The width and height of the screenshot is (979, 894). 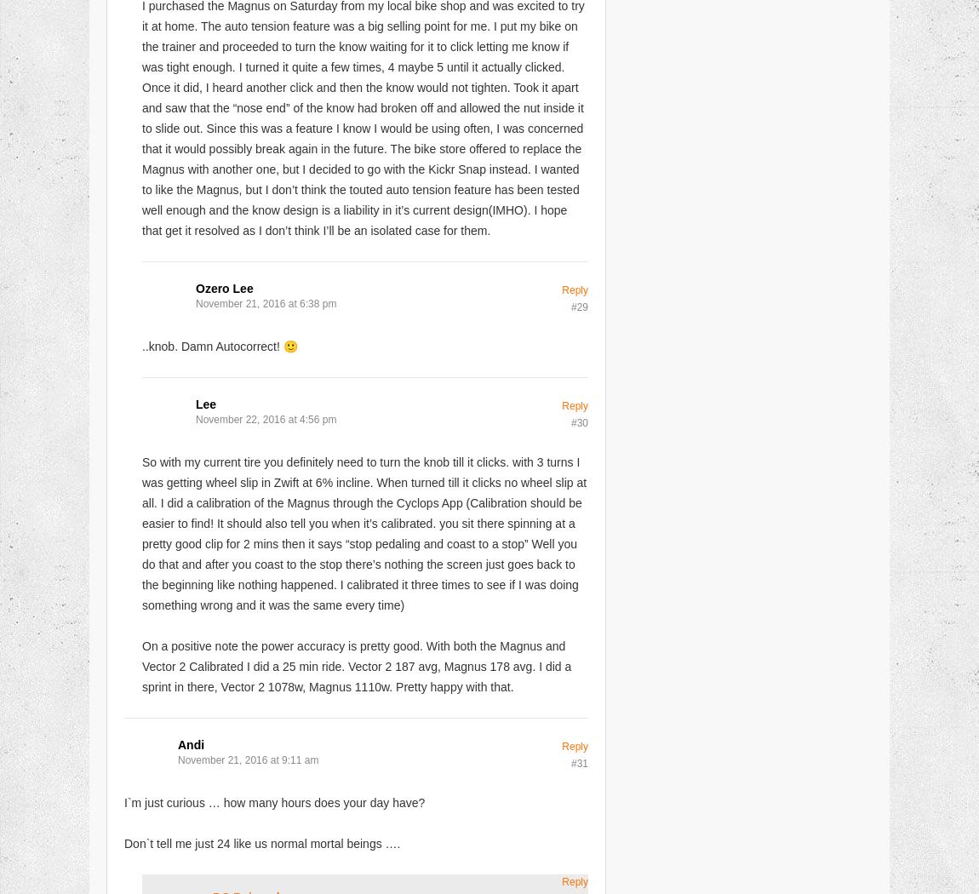 What do you see at coordinates (364, 533) in the screenshot?
I see `'So with my current tire you definitely need to turn the knob till it clicks. with 3 turns I was getting wheel slip in Zwift at 6% incline. When turned till it clicks no wheel slip at all. I did a calibration of the Magnus through the Cyclops App (Calibration should be easier to find! It should also tell you when it’s calibrated. you sit there spinning at a pretty good clip for 2 mins then it says “stop pedaling and coast to a stop” Well you do that and after you coast to the stop there’s nothing the screen just goes back to the beginning like nothing happened. I calibrated it three times to see if I was doing something wrong and it was the same every time)'` at bounding box center [364, 533].